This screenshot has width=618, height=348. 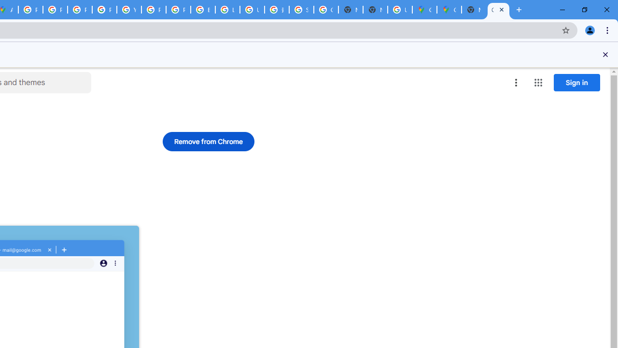 I want to click on 'More options menu', so click(x=516, y=82).